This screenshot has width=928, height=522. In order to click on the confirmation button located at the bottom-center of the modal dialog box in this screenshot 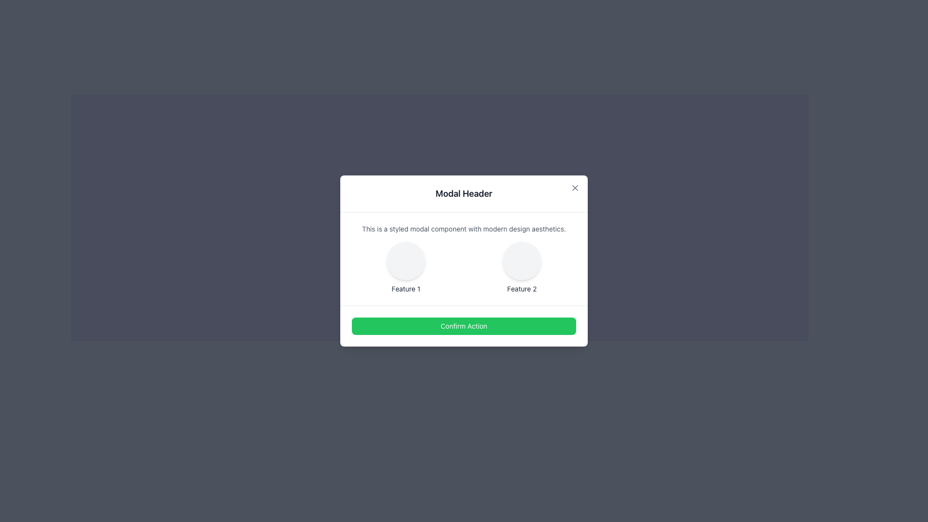, I will do `click(464, 326)`.